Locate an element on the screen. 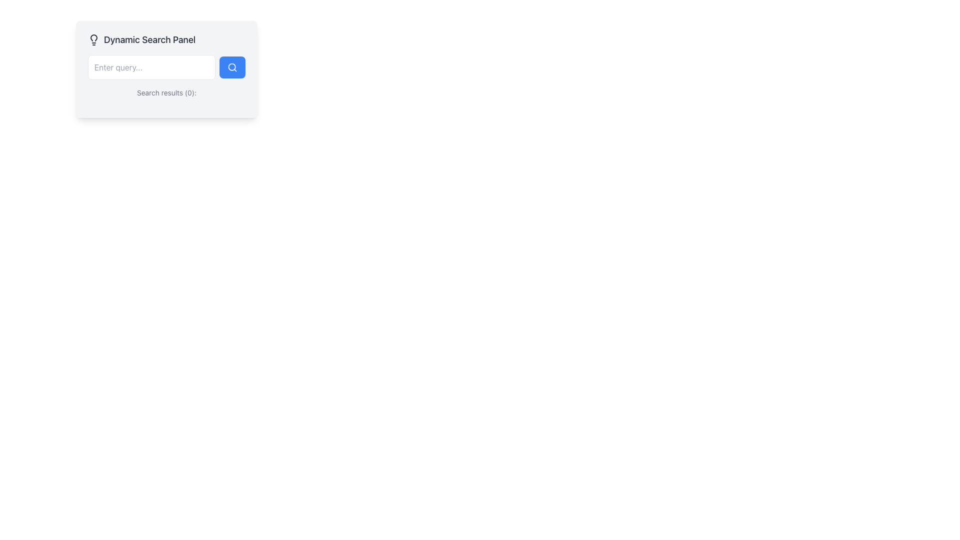 The image size is (960, 540). the lightbulb icon located at the top left corner of the Dynamic Search Panel, which signifies the theme or purpose of the panel is located at coordinates (93, 39).